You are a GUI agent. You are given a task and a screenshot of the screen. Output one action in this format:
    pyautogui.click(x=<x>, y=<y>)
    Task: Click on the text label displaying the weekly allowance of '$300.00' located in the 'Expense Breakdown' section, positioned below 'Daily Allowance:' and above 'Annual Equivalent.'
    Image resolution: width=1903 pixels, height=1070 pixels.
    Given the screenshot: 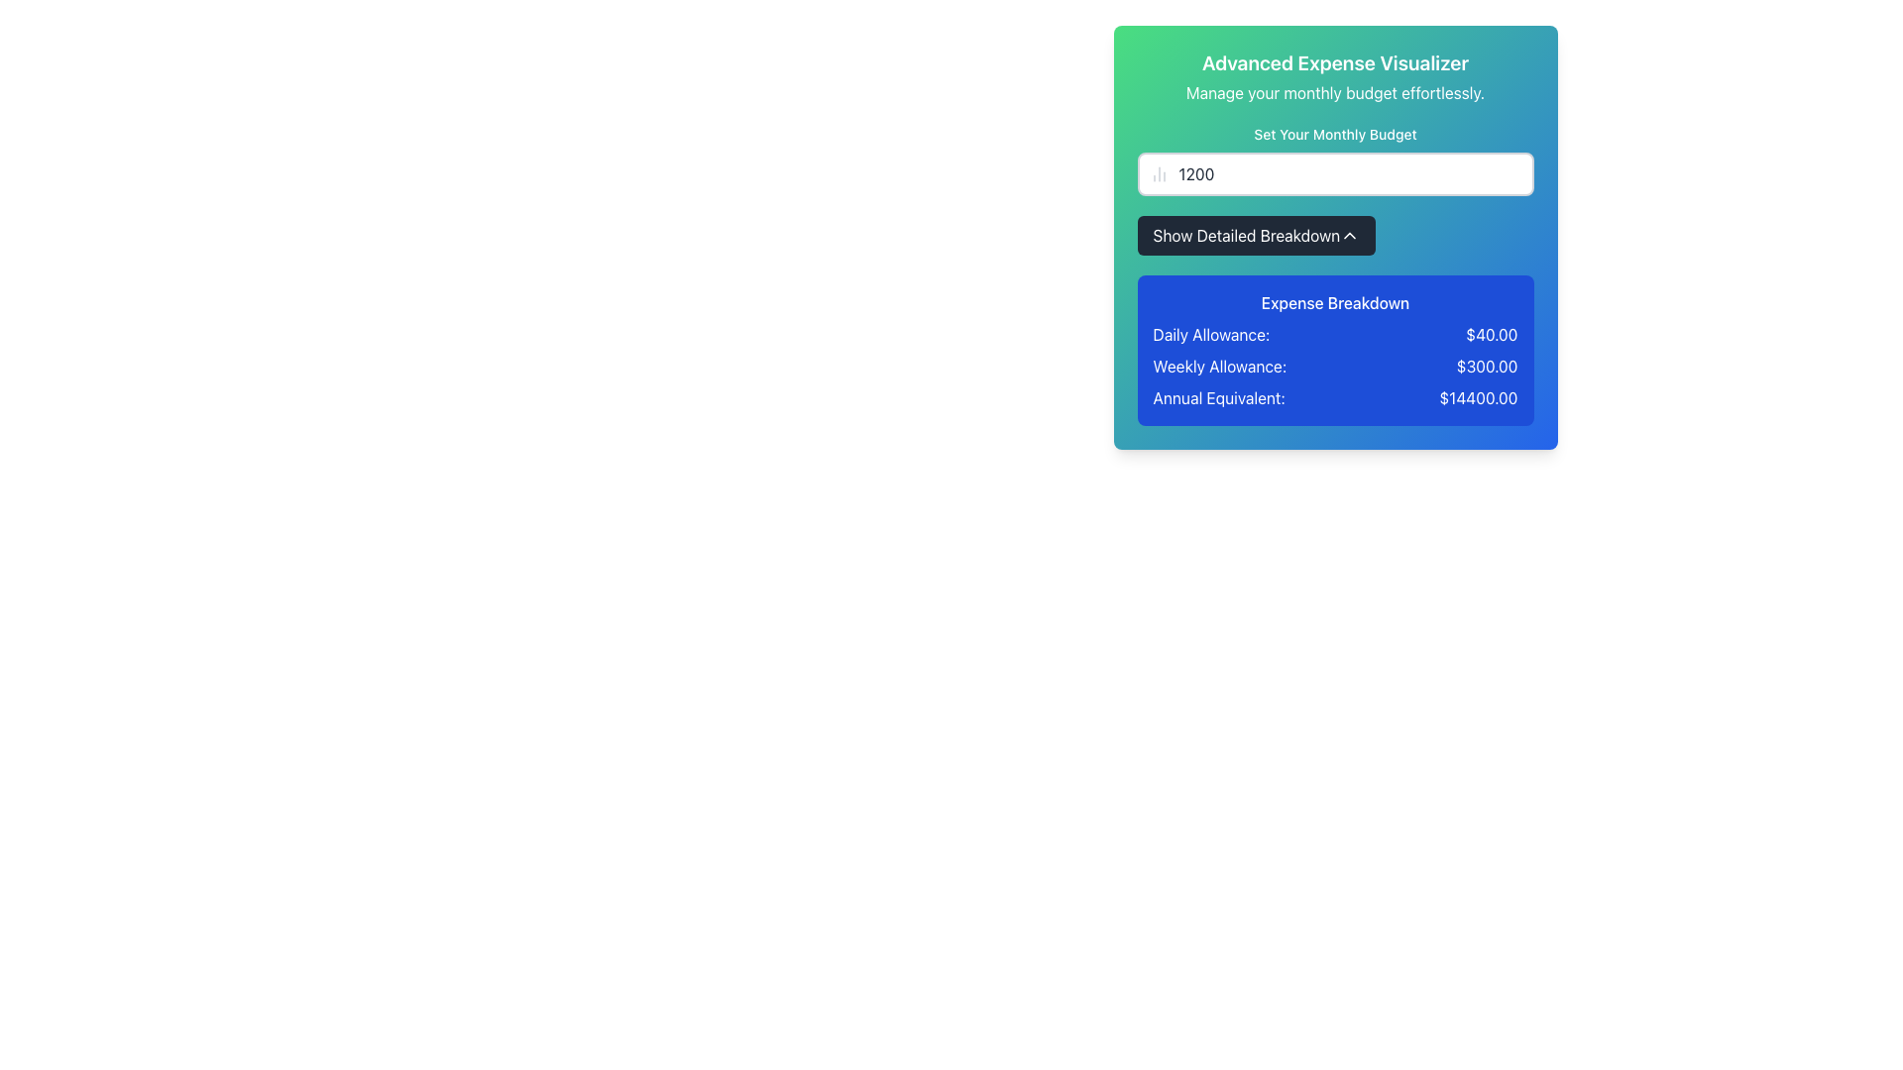 What is the action you would take?
    pyautogui.click(x=1218, y=367)
    